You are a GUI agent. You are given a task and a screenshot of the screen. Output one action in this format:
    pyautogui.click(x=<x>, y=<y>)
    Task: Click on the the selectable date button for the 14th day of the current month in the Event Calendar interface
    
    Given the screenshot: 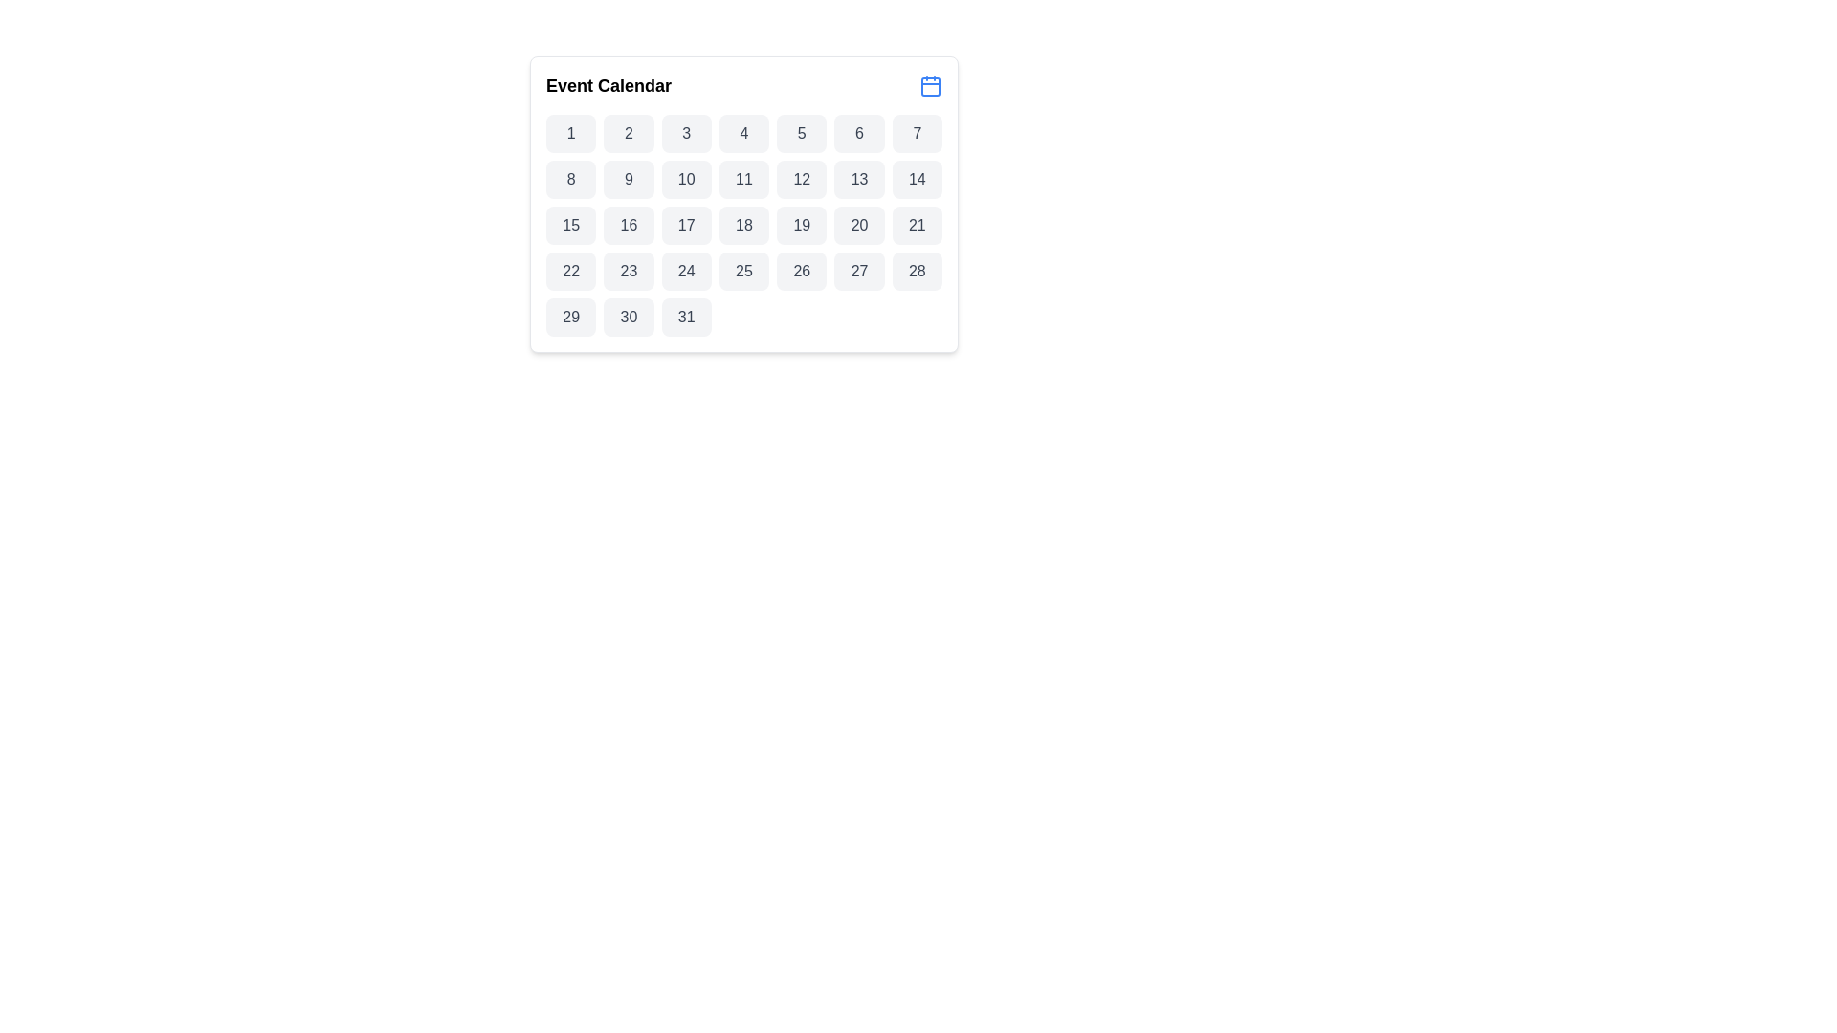 What is the action you would take?
    pyautogui.click(x=916, y=180)
    